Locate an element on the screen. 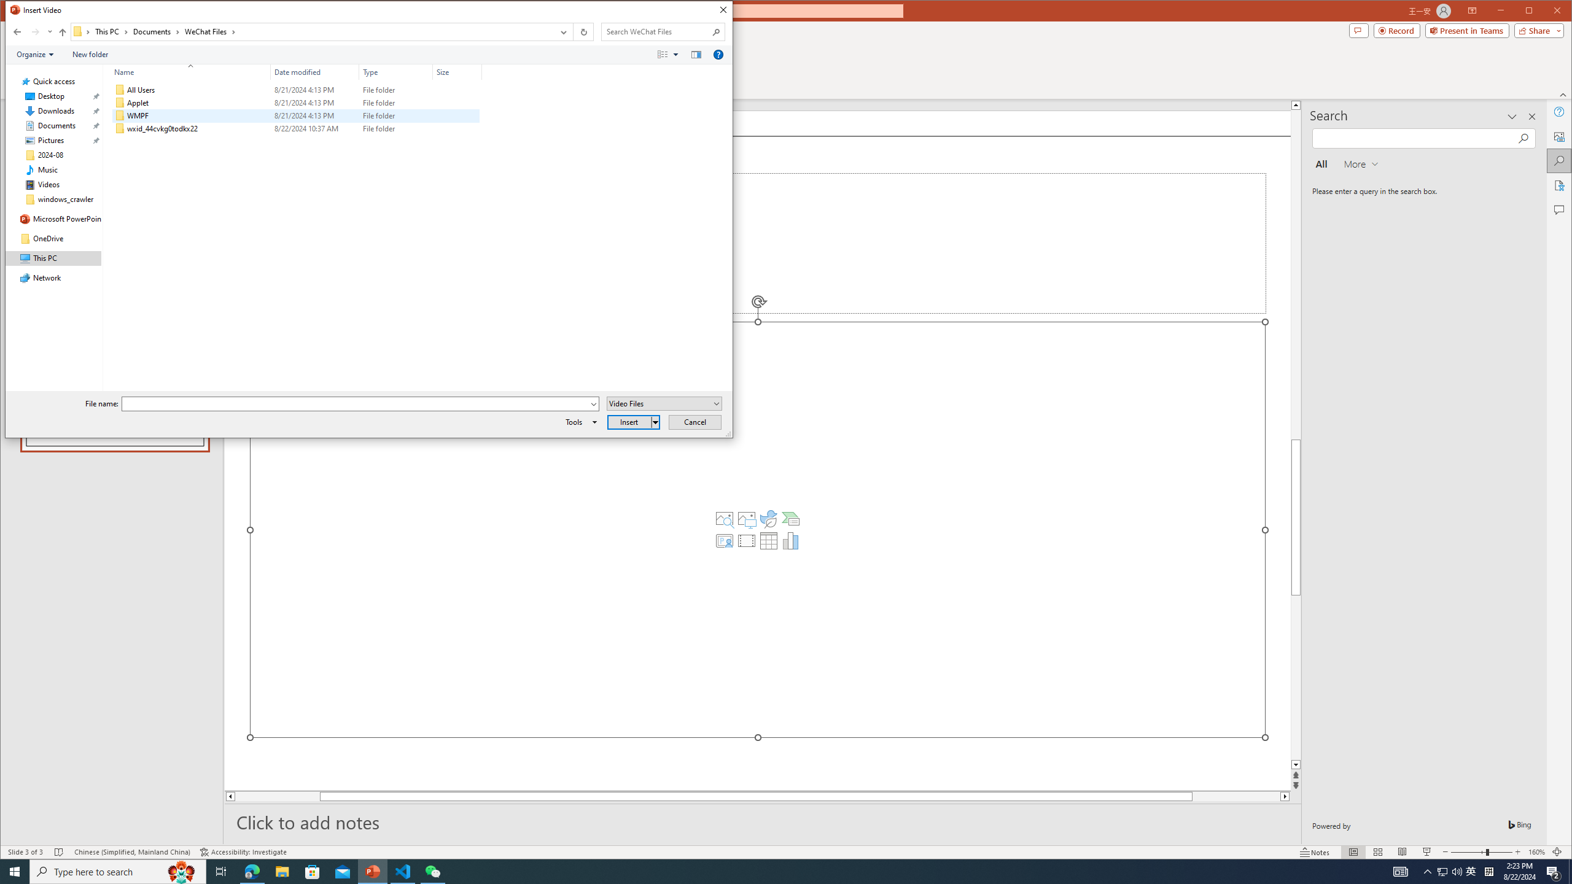  'Address band toolbar' is located at coordinates (573, 31).